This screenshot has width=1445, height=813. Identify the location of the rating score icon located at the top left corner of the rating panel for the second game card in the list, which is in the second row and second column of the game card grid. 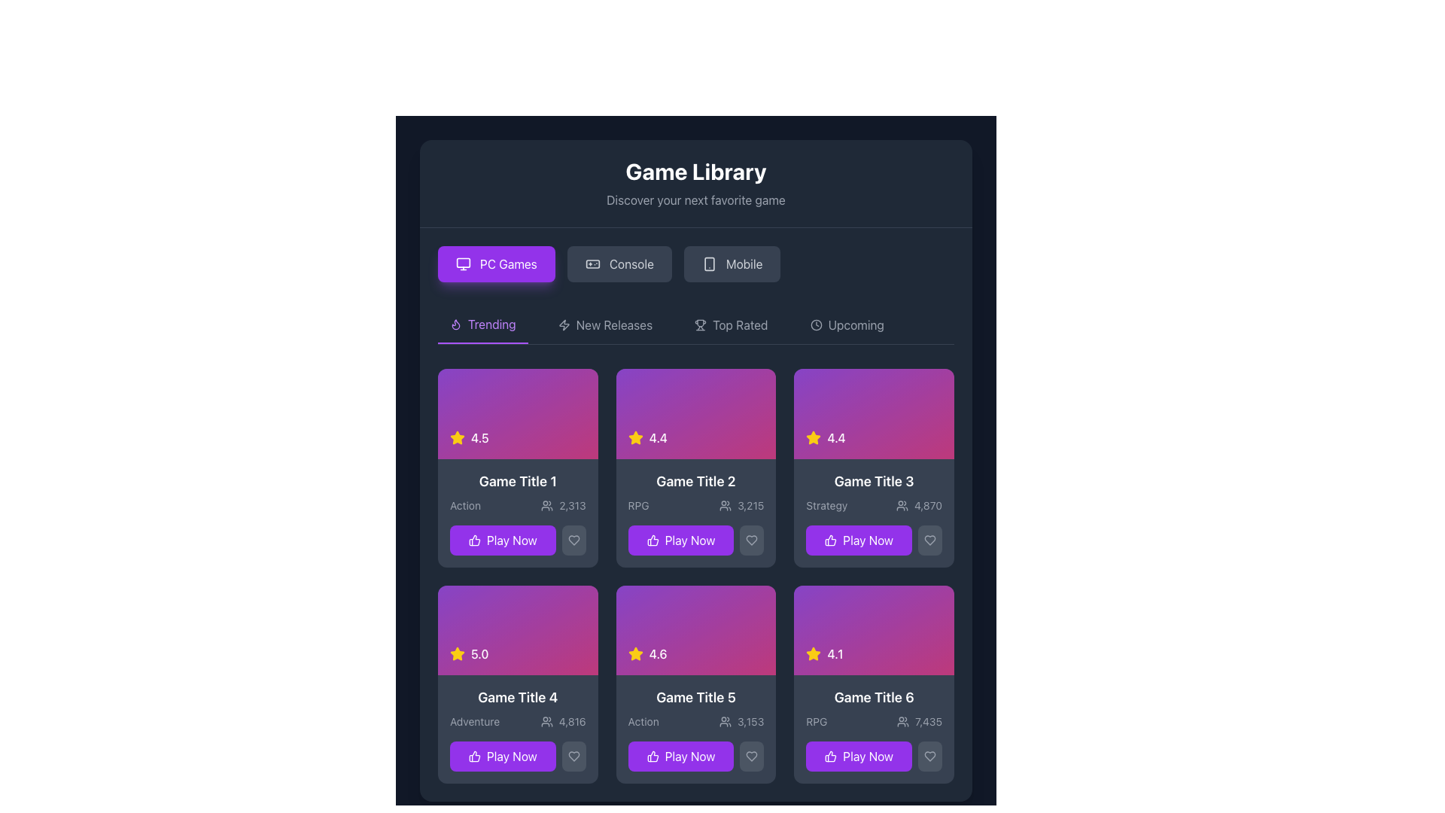
(813, 437).